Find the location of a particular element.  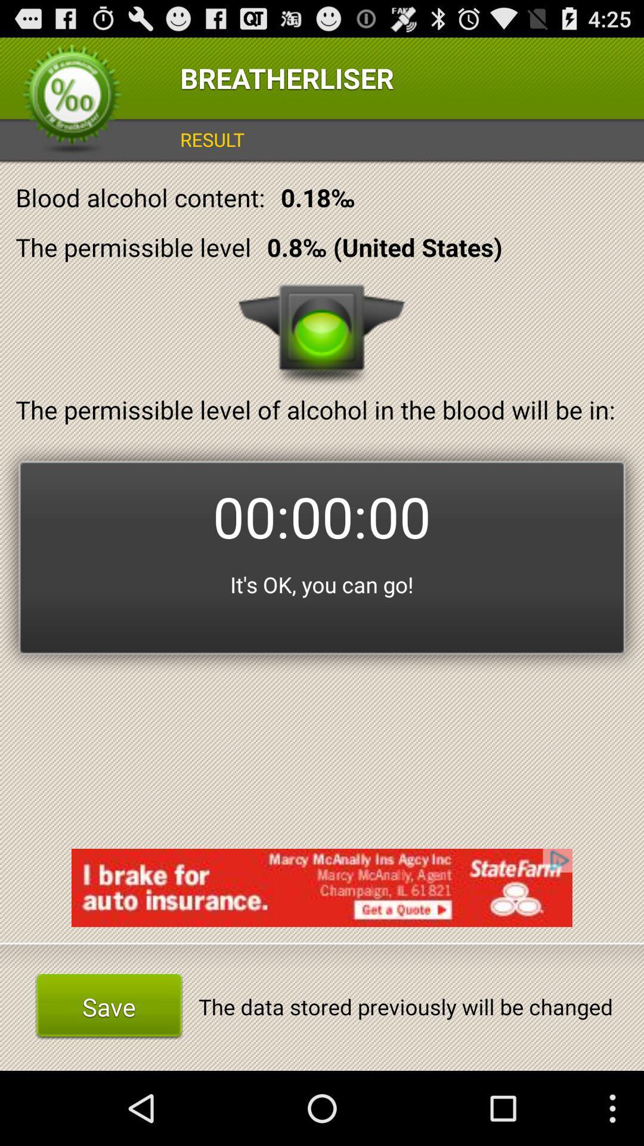

item at the bottom left corner is located at coordinates (109, 1006).